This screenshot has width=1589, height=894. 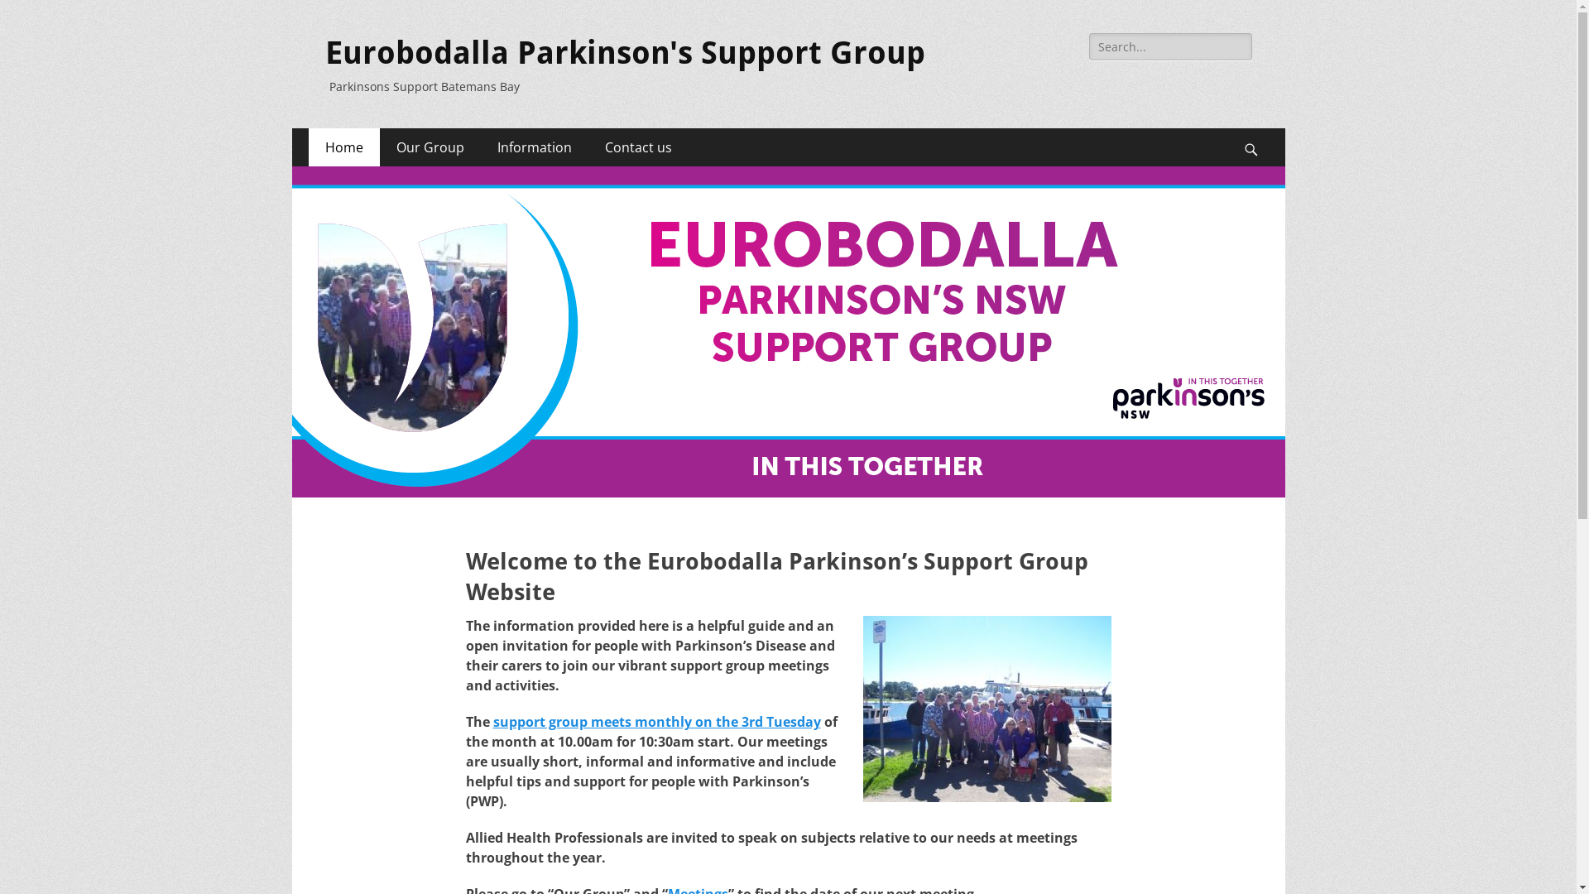 What do you see at coordinates (533, 146) in the screenshot?
I see `'Information'` at bounding box center [533, 146].